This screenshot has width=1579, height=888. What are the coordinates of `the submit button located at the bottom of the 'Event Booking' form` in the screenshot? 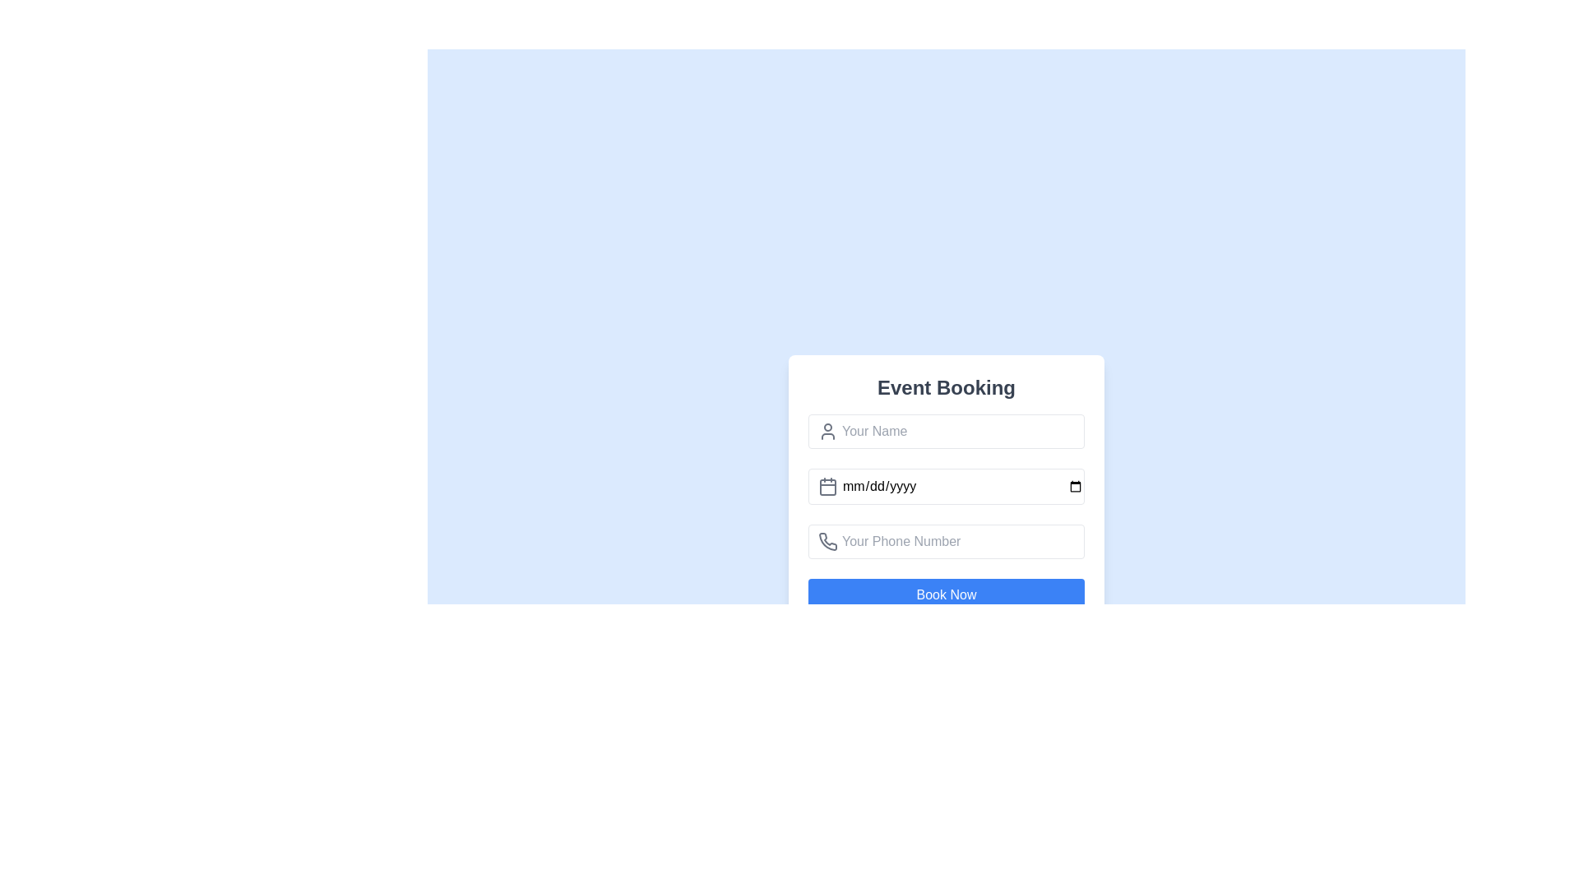 It's located at (947, 595).